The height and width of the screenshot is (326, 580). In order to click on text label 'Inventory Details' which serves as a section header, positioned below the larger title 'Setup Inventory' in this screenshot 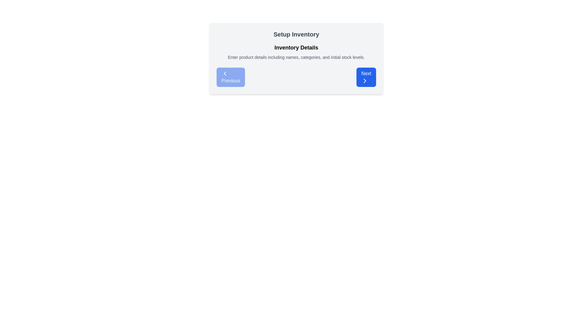, I will do `click(296, 47)`.